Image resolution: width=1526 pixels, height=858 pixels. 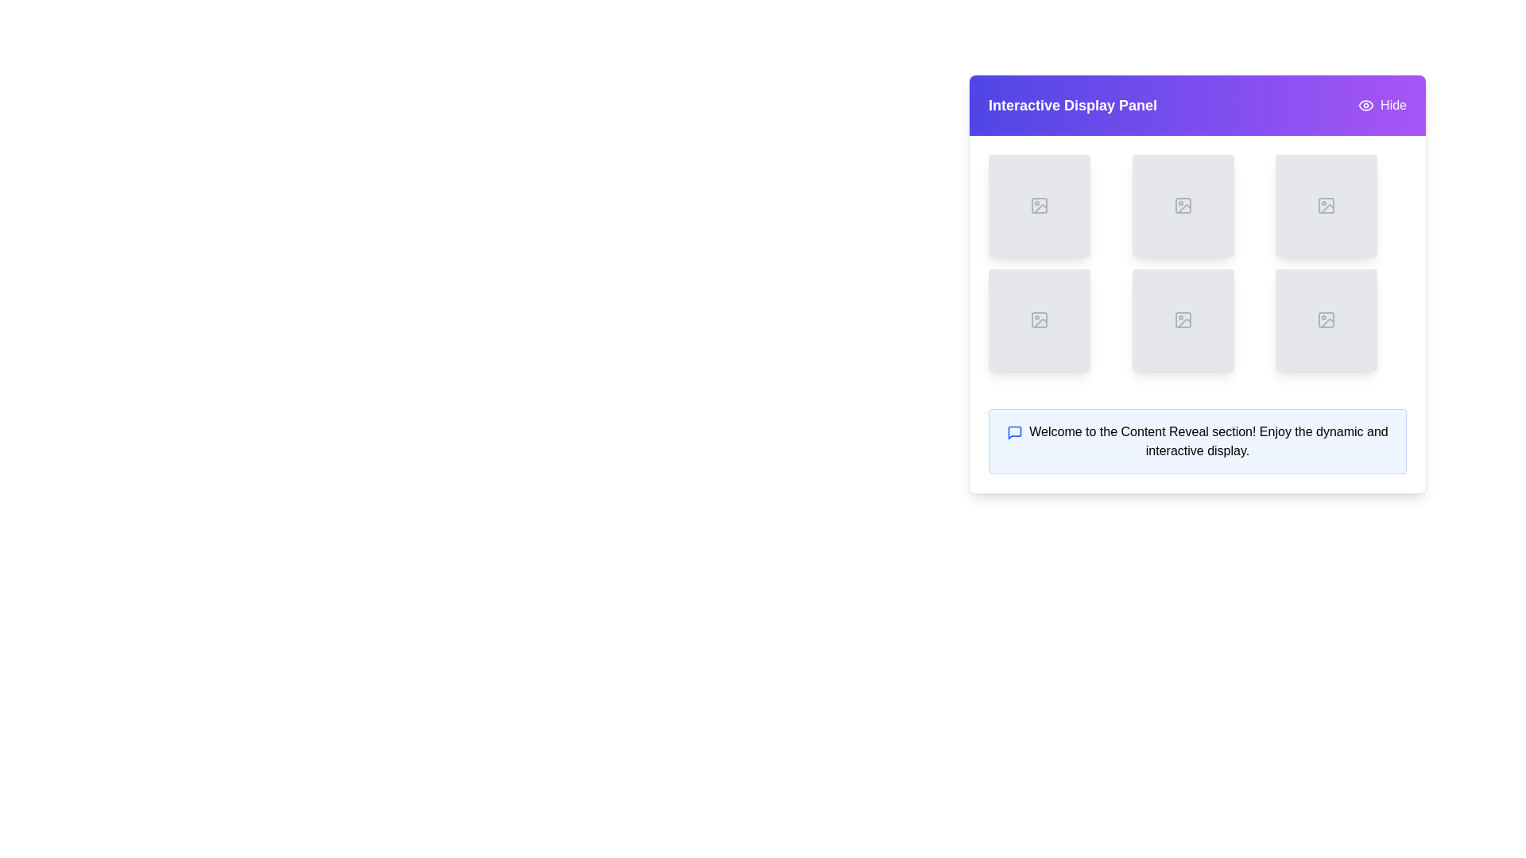 I want to click on the vector graphic icon resembling an image placeholder, which features a rectangular frame with rounded corners and a circular element near the top-left, located in the bottom-left cell of a grid layout, so click(x=1183, y=319).